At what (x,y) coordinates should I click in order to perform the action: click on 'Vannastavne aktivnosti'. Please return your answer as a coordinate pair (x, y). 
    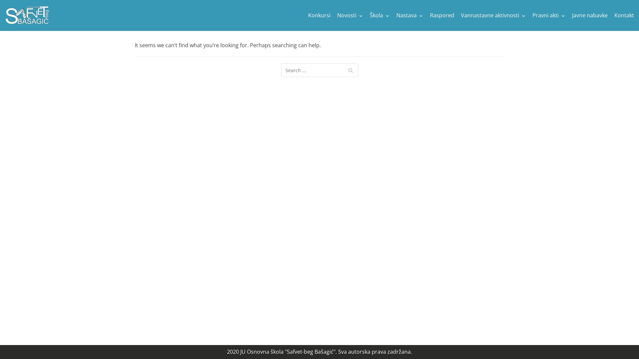
    Looking at the image, I should click on (493, 15).